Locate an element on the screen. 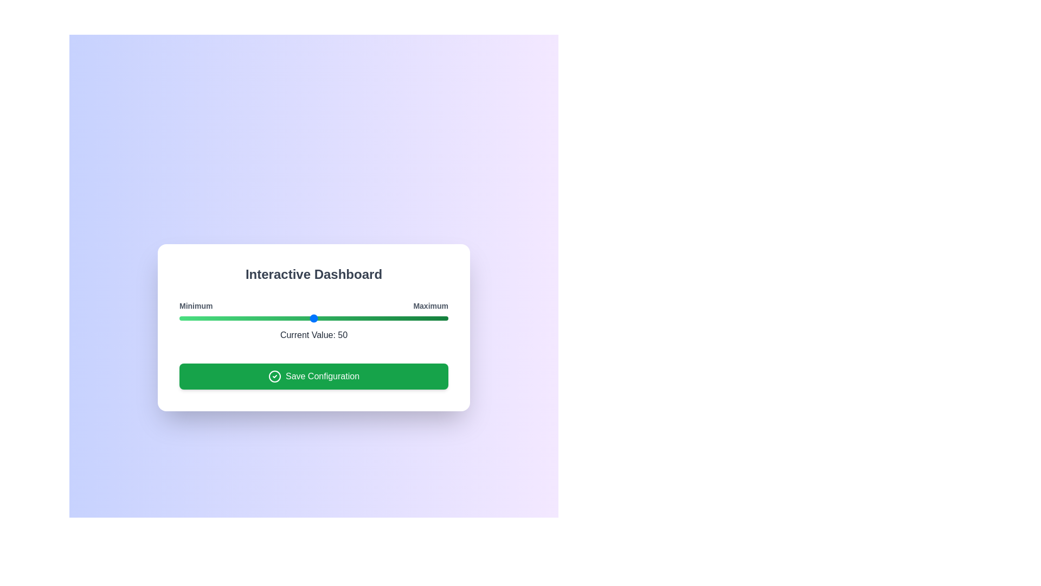 The image size is (1041, 586). the slider to set the value to 59 is located at coordinates (337, 317).